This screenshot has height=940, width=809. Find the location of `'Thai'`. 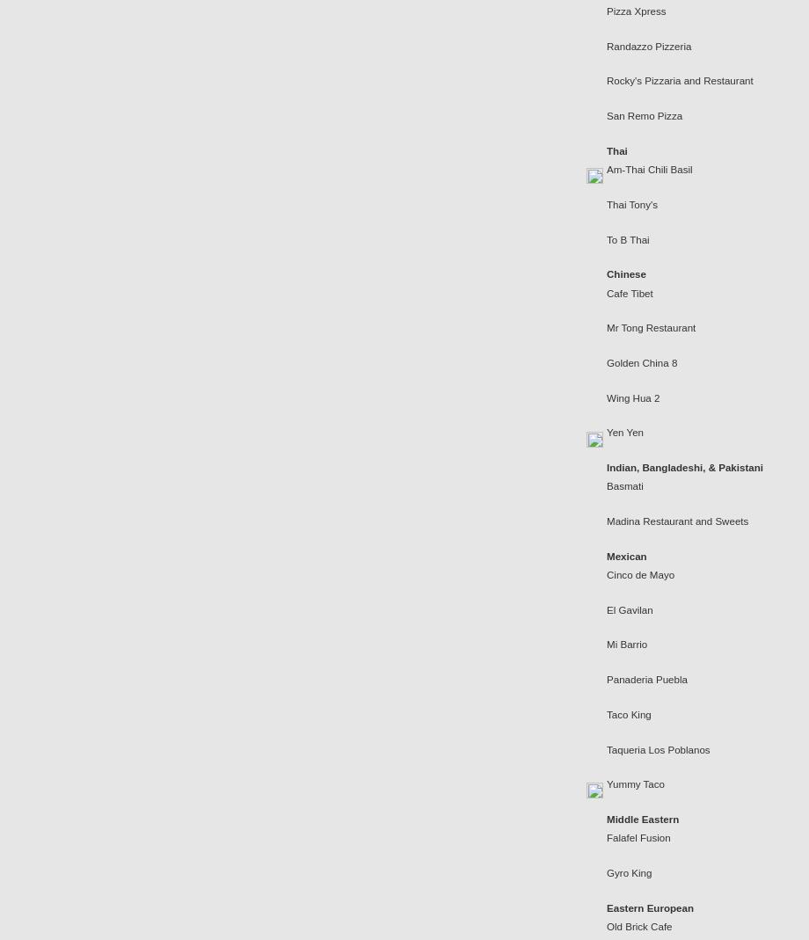

'Thai' is located at coordinates (607, 150).